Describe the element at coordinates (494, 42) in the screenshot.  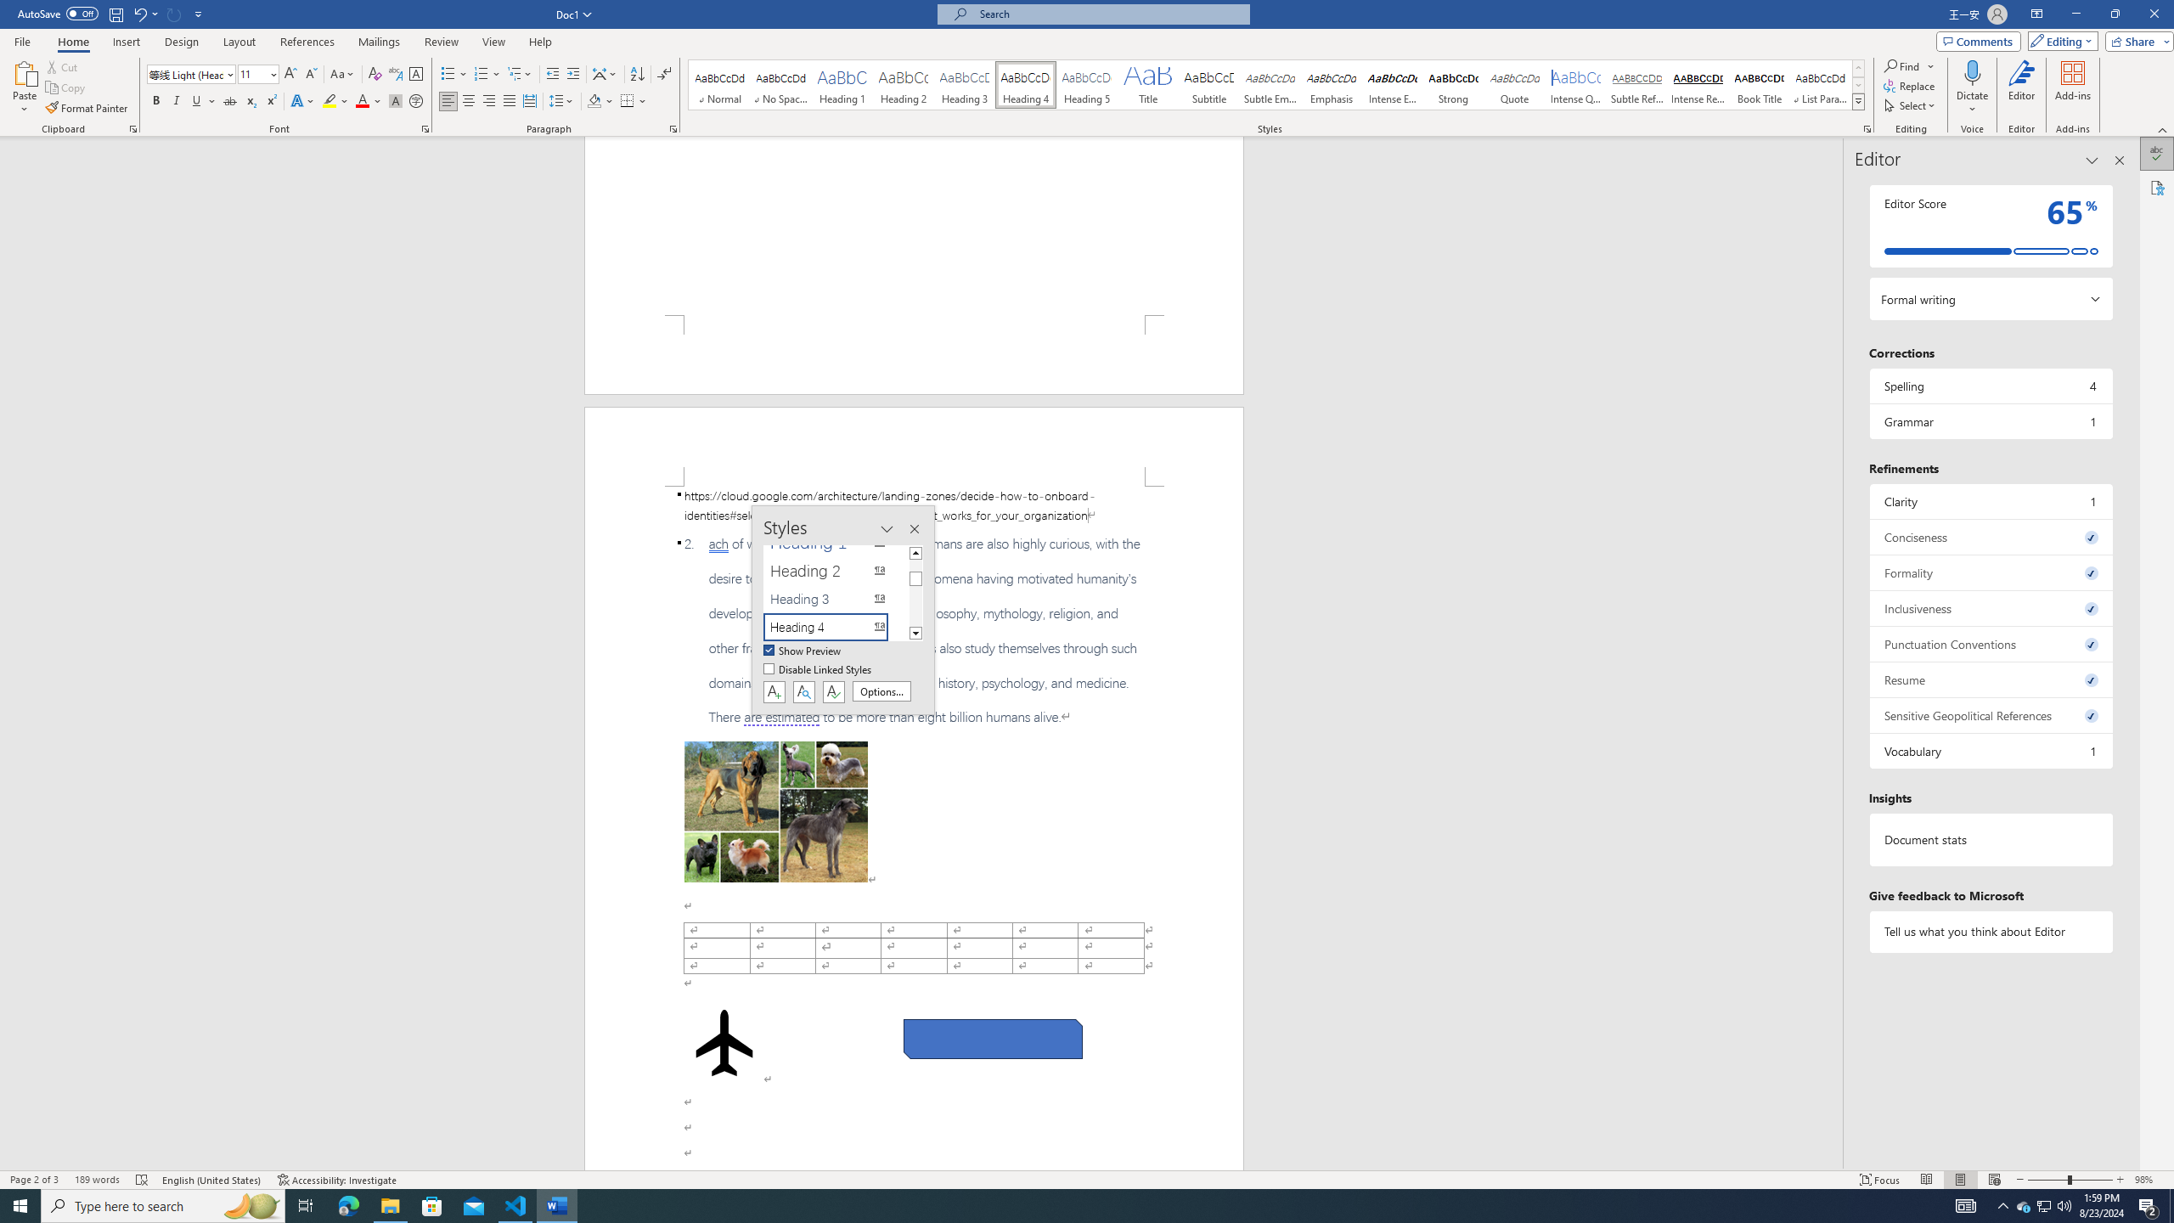
I see `'View'` at that location.